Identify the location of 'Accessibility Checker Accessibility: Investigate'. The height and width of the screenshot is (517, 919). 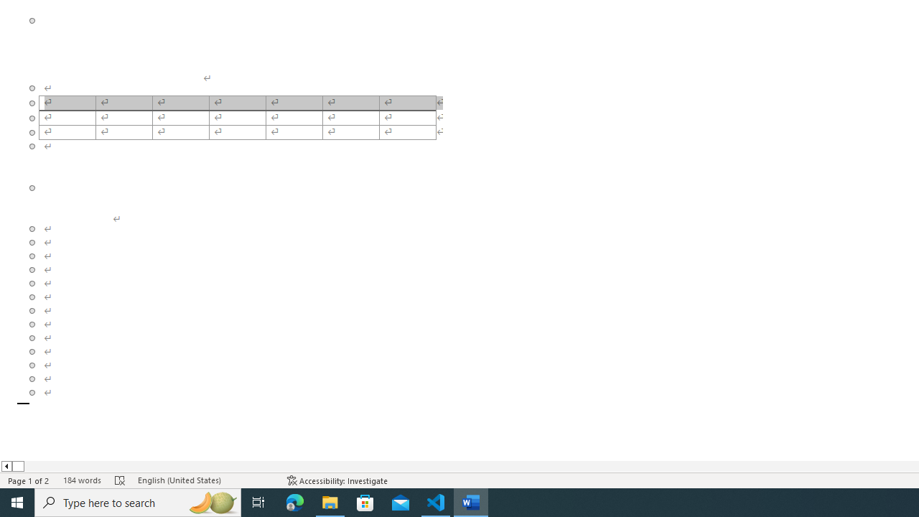
(337, 480).